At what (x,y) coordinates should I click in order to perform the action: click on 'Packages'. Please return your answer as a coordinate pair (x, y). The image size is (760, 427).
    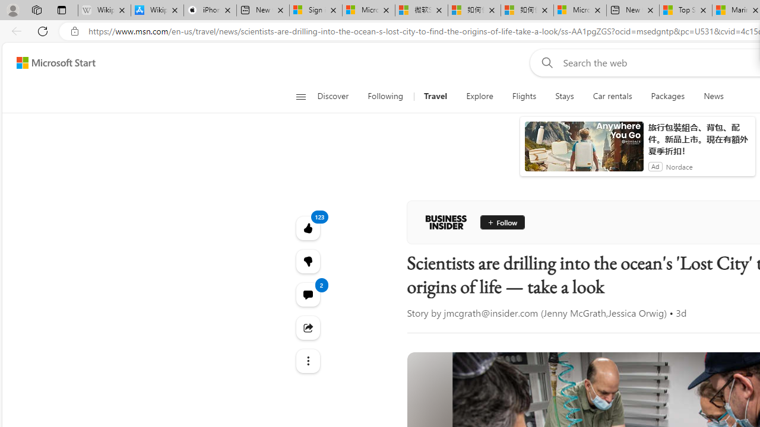
    Looking at the image, I should click on (668, 96).